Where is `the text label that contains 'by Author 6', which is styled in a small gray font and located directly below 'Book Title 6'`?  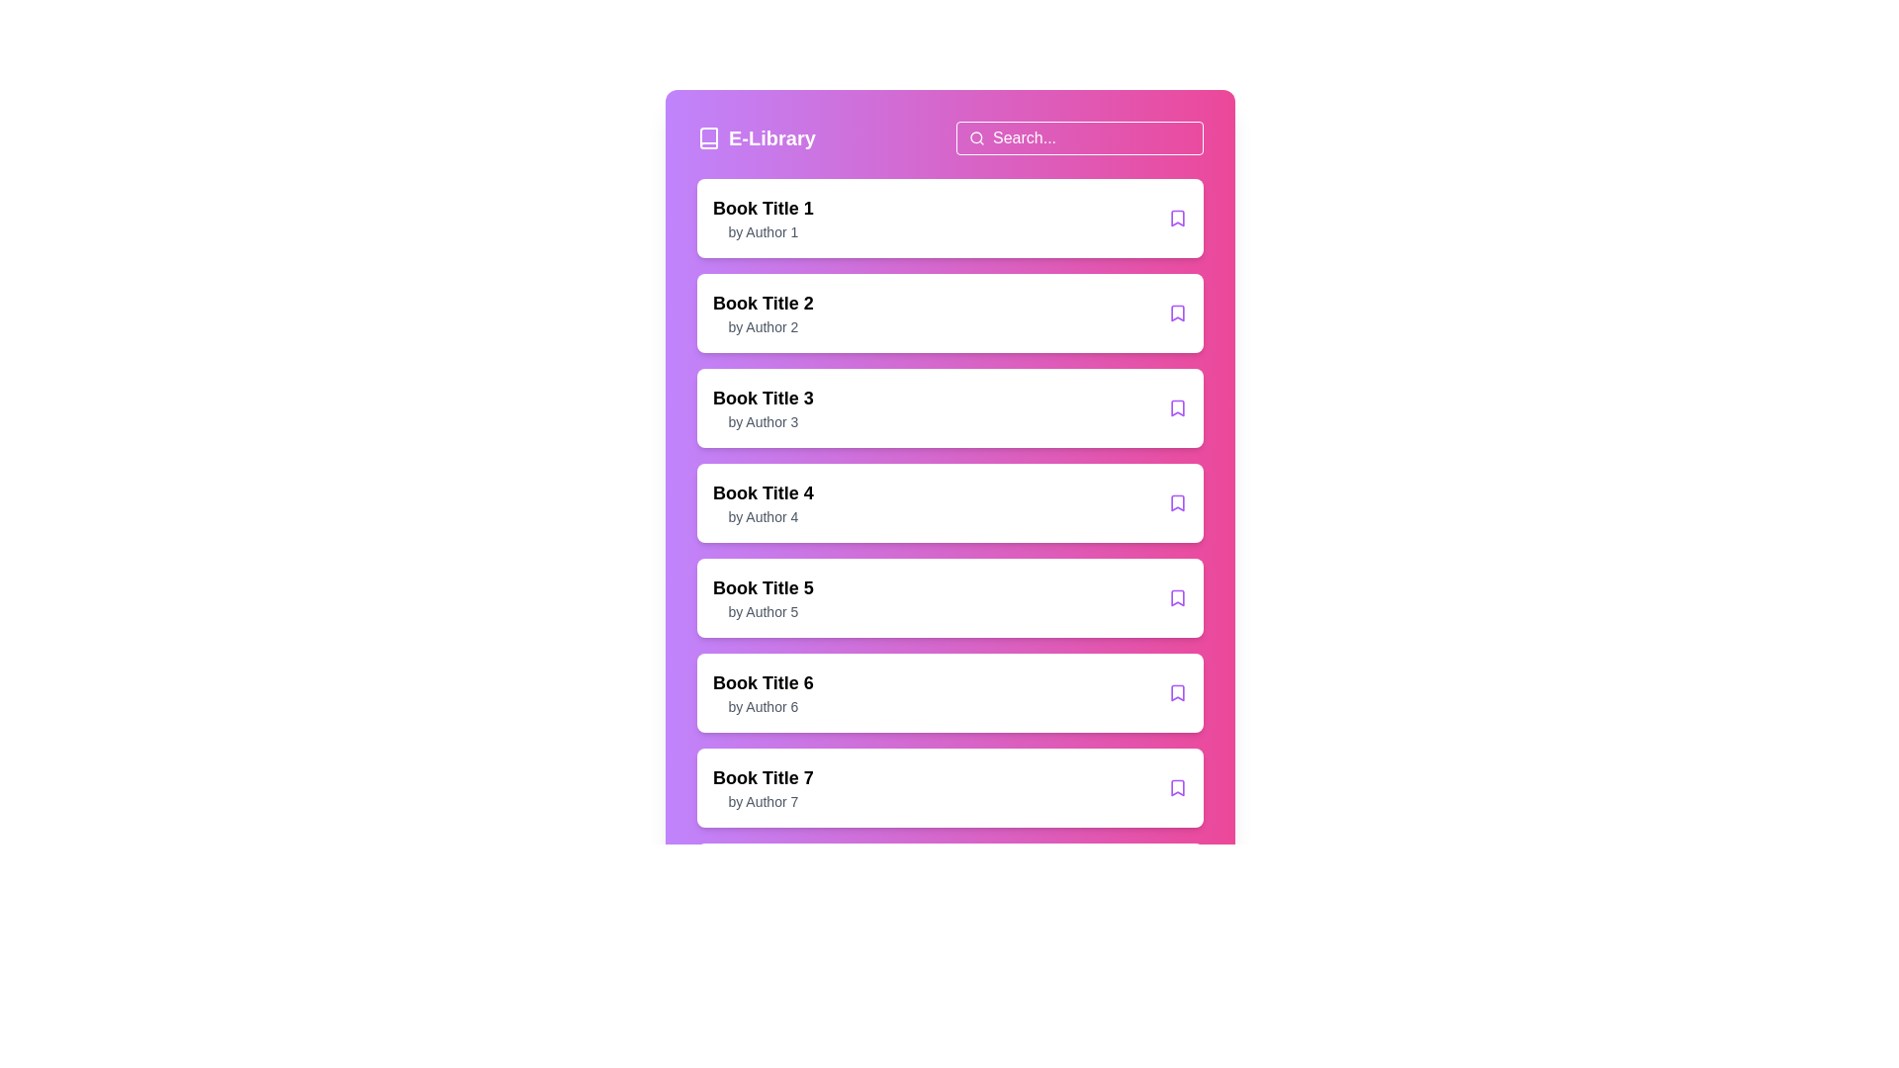 the text label that contains 'by Author 6', which is styled in a small gray font and located directly below 'Book Title 6' is located at coordinates (762, 705).